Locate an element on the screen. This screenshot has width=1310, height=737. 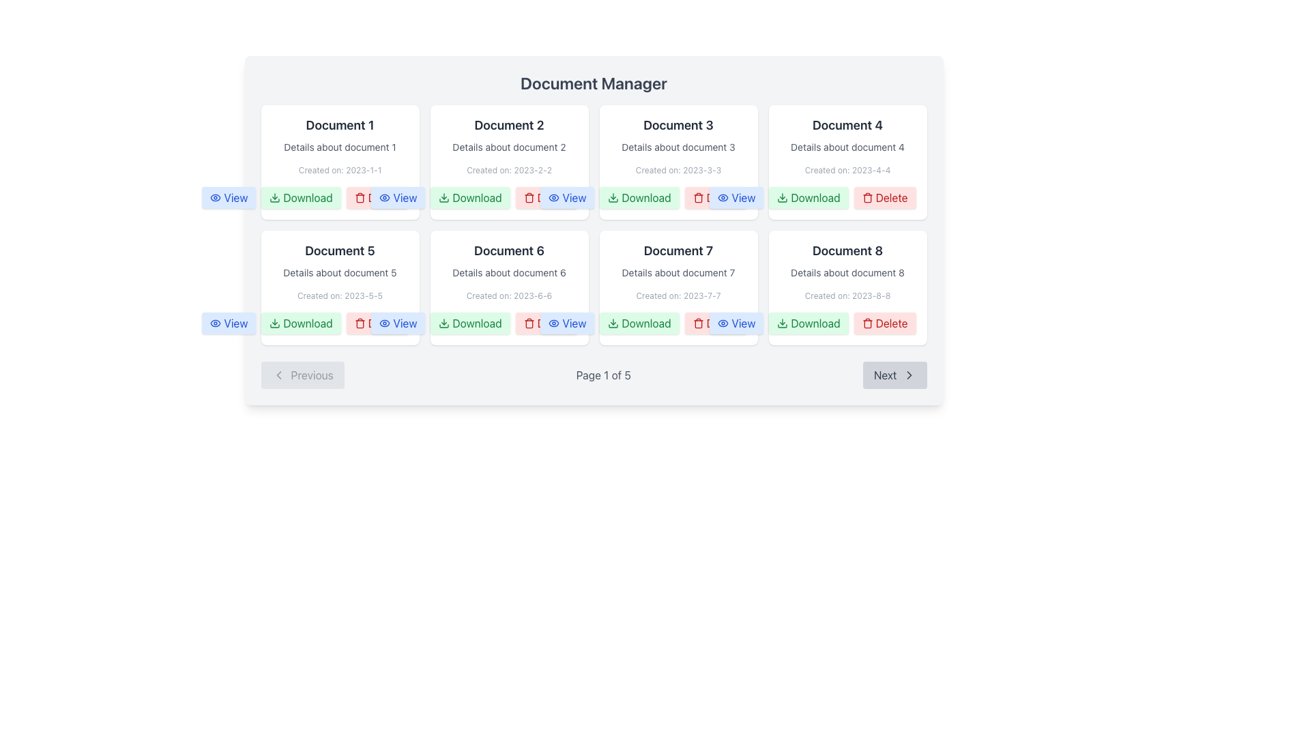
the text label displaying the title "Document 5" in a large, bold, dark gray font, located in the center-left group box of the "Document Manager" grid is located at coordinates (340, 250).